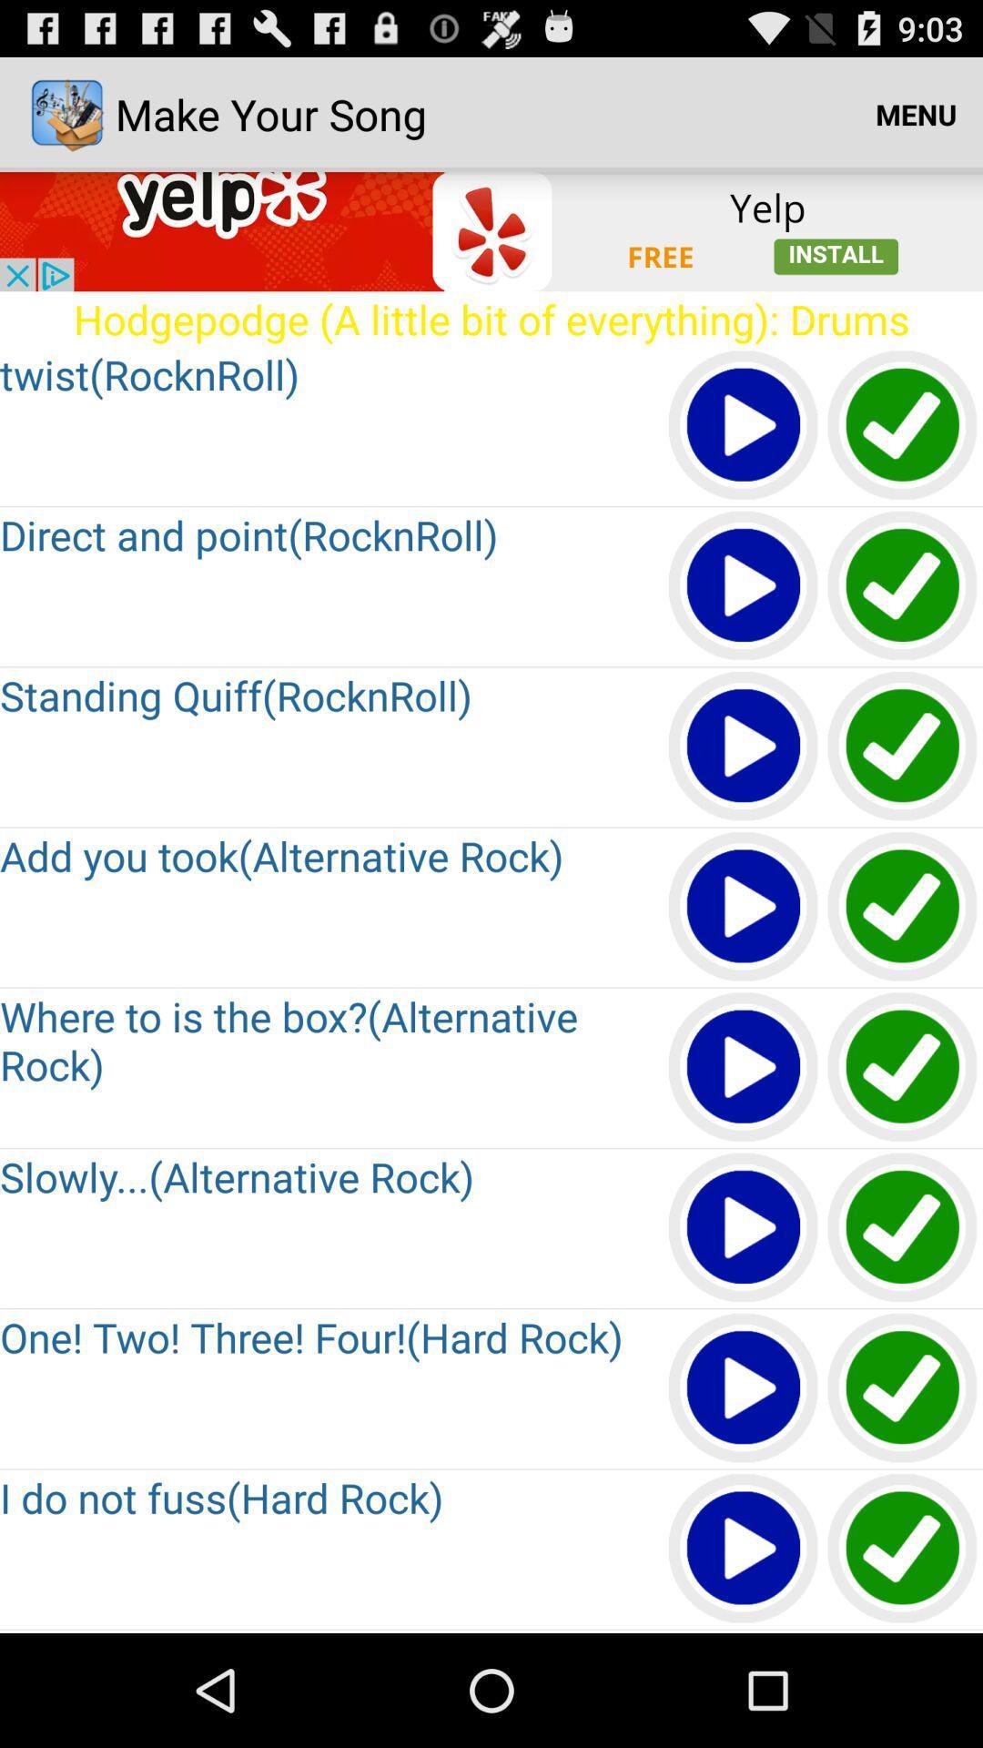 This screenshot has width=983, height=1748. I want to click on song, so click(744, 1068).